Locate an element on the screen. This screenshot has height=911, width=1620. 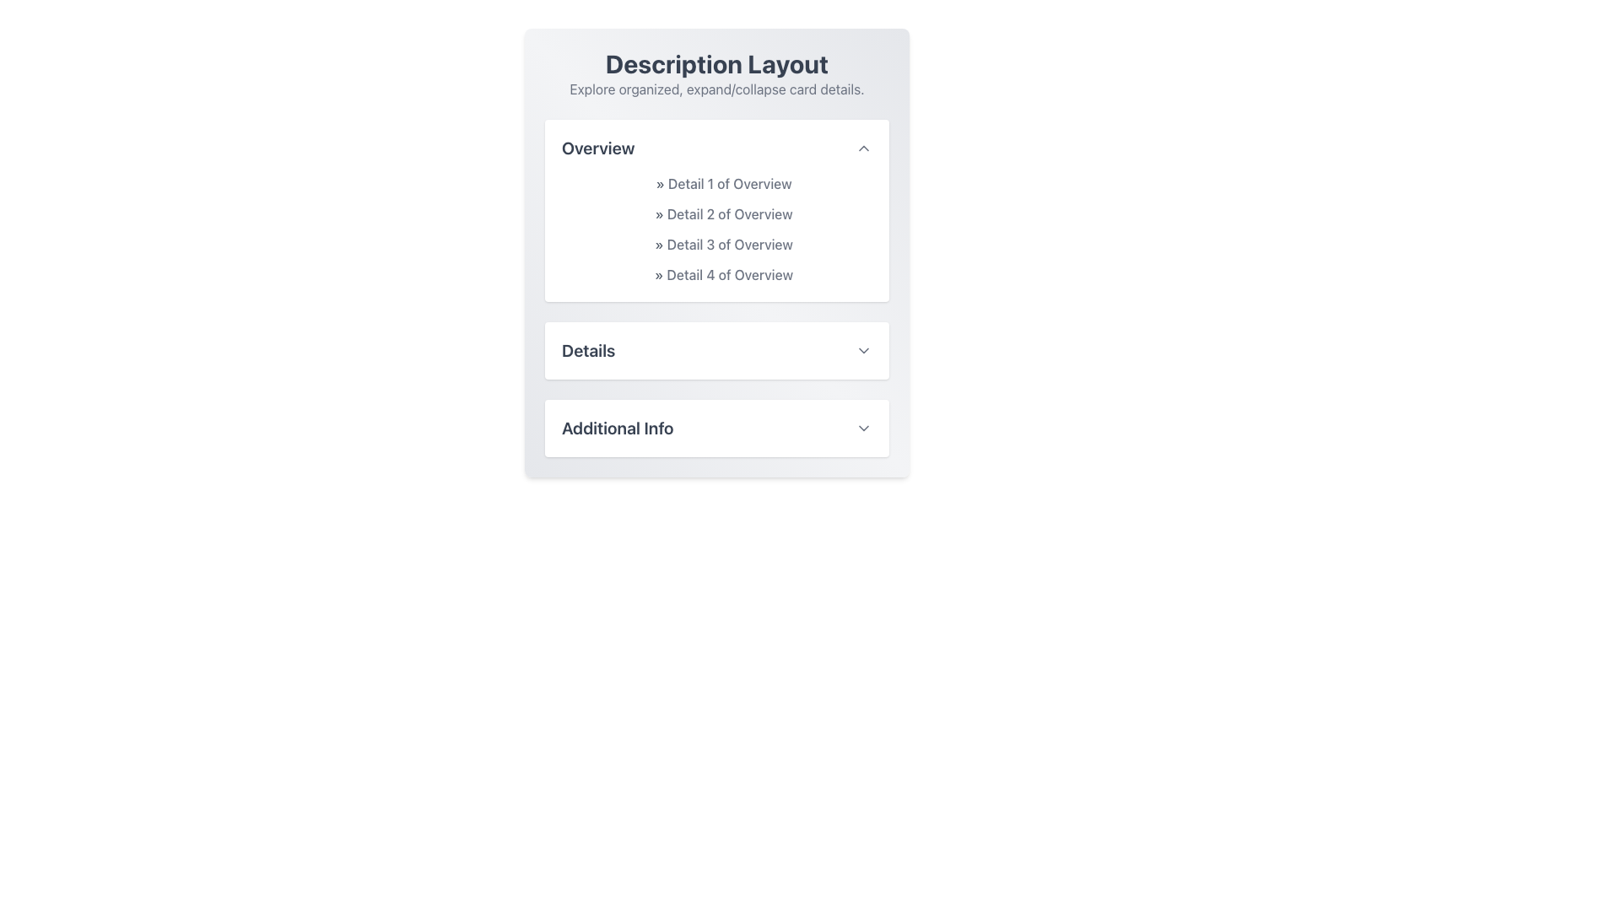
the second line text label under the 'Overview' section that provides contextual information is located at coordinates (716, 213).